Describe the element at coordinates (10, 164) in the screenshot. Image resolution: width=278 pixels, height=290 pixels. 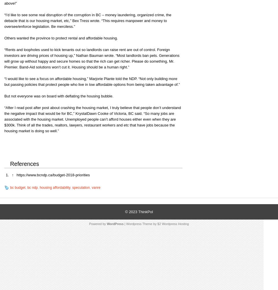
I see `'References'` at that location.